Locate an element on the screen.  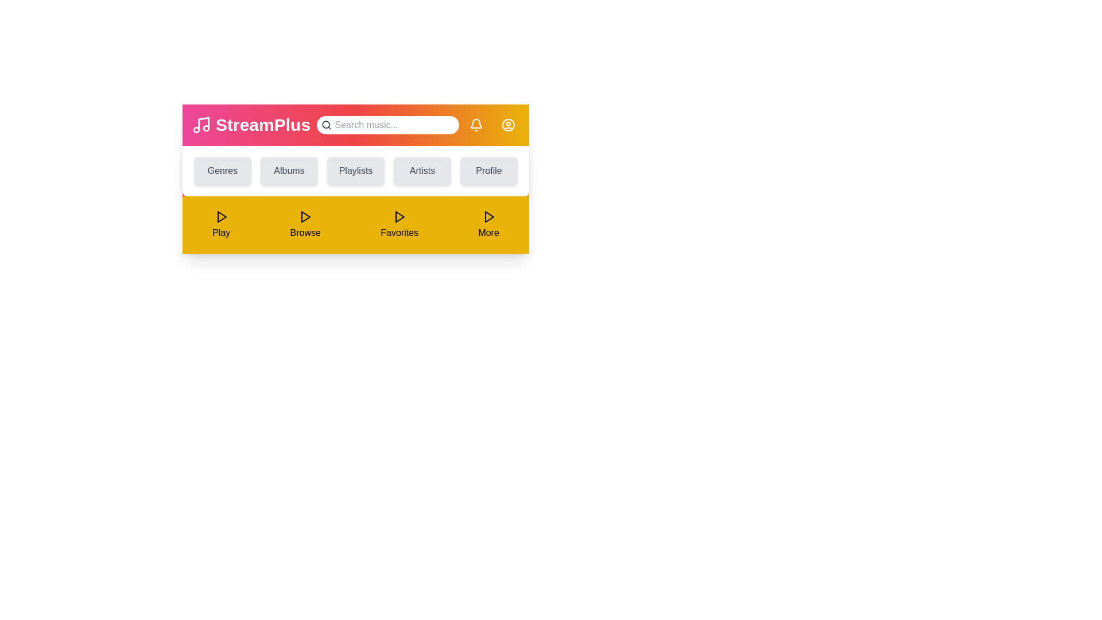
the bell icon to check notifications is located at coordinates (476, 125).